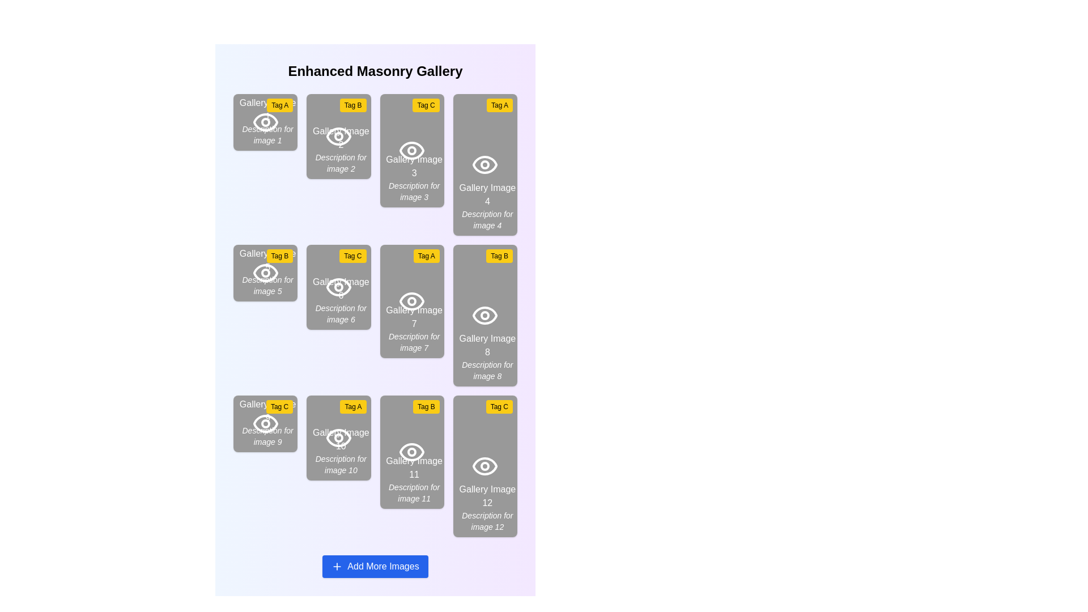 Image resolution: width=1088 pixels, height=612 pixels. What do you see at coordinates (426, 406) in the screenshot?
I see `the rectangular badge labeled 'Tag B' with a yellow background and black text, located in the top-right corner of the card titled 'Gallery Image 11'` at bounding box center [426, 406].